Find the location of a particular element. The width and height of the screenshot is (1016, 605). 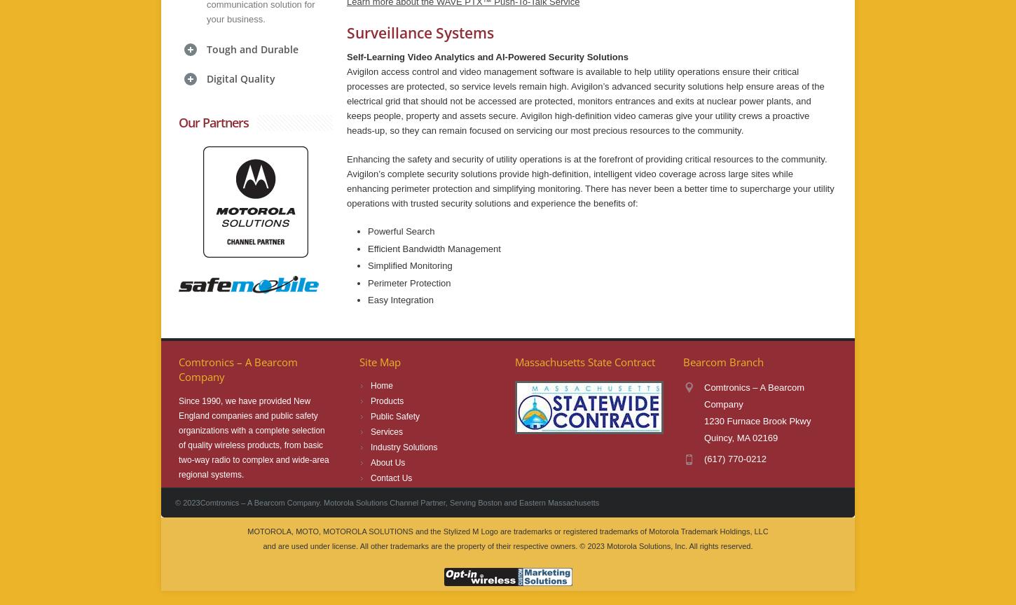

'Digital Quality' is located at coordinates (240, 77).